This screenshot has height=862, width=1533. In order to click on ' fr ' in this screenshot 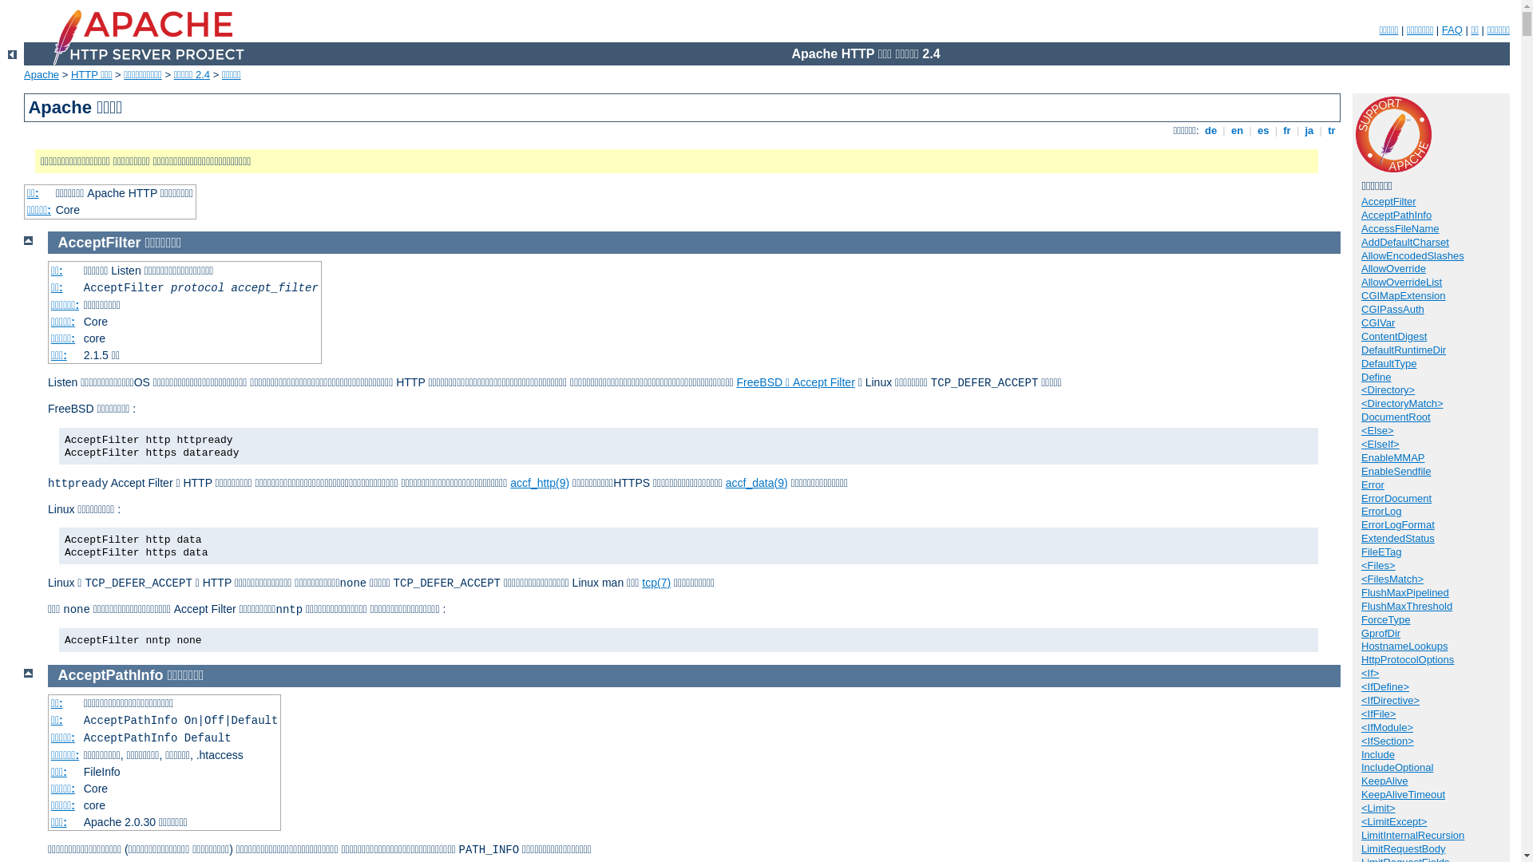, I will do `click(1287, 129)`.